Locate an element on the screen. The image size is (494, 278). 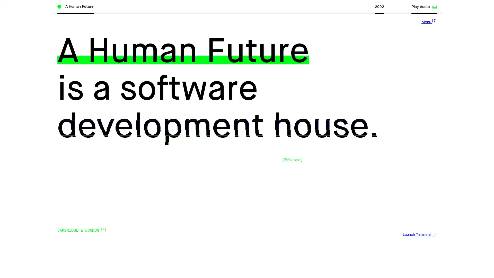
show more media controls is located at coordinates (434, 5).